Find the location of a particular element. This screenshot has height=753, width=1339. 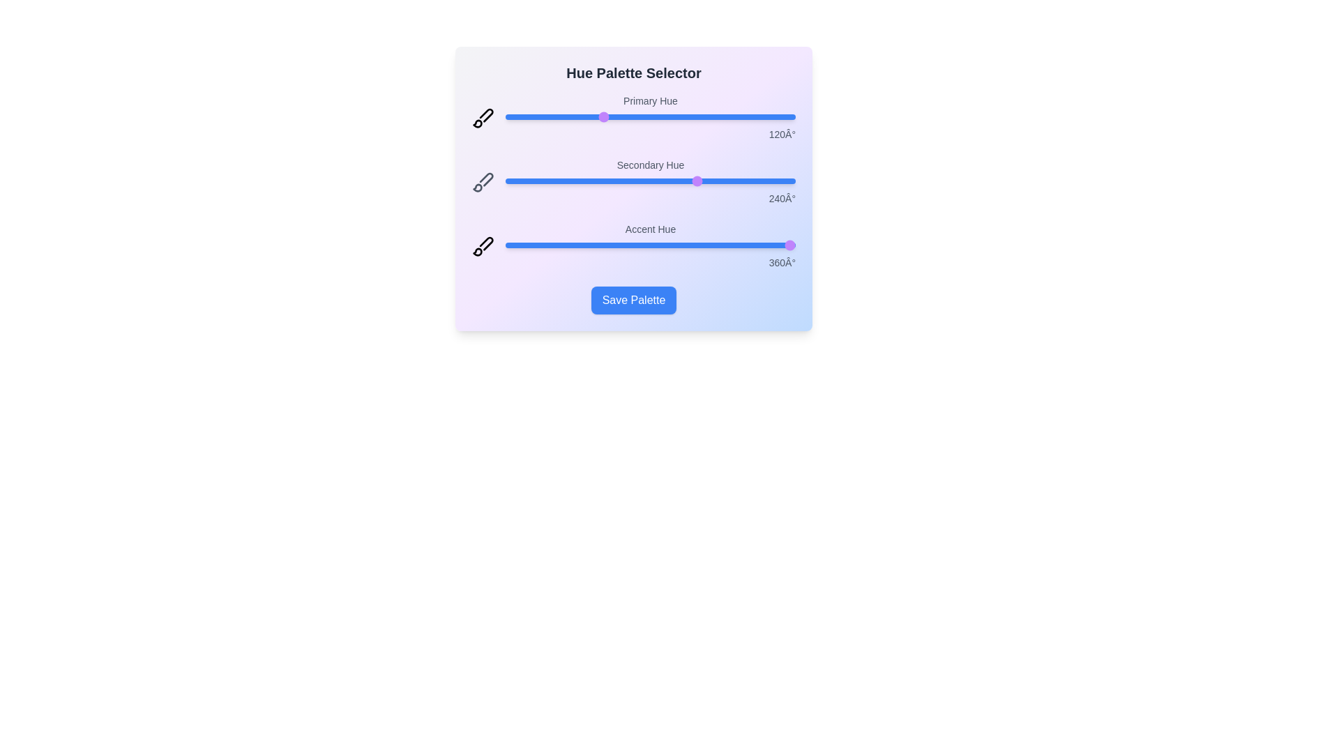

the 'Primary Hue' slider to 33 degrees is located at coordinates (531, 116).